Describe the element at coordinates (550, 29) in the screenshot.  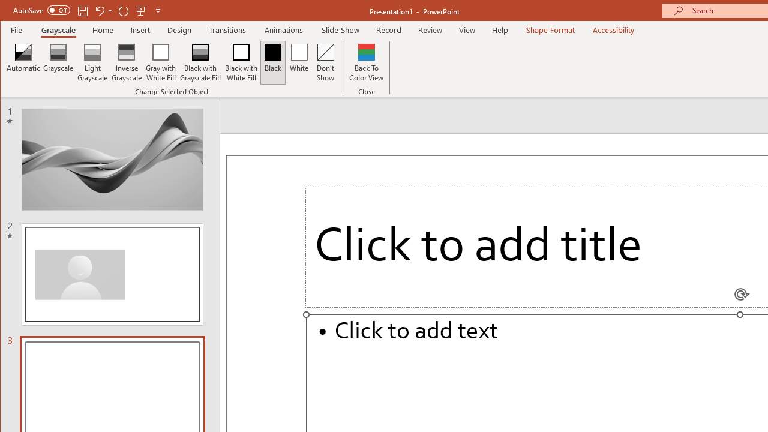
I see `'Shape Format'` at that location.